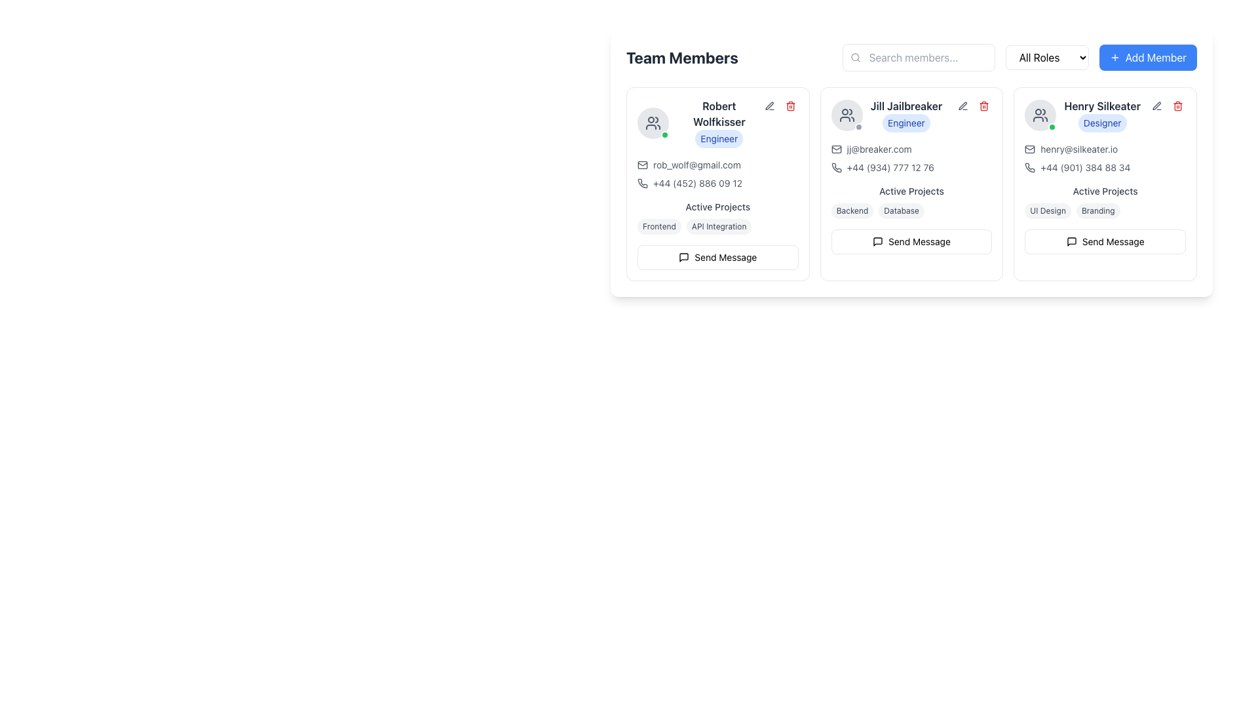  What do you see at coordinates (790, 106) in the screenshot?
I see `the delete icon (trash can) located at the top-right corner of Robert Wolfkisser's card in the Team Members section` at bounding box center [790, 106].